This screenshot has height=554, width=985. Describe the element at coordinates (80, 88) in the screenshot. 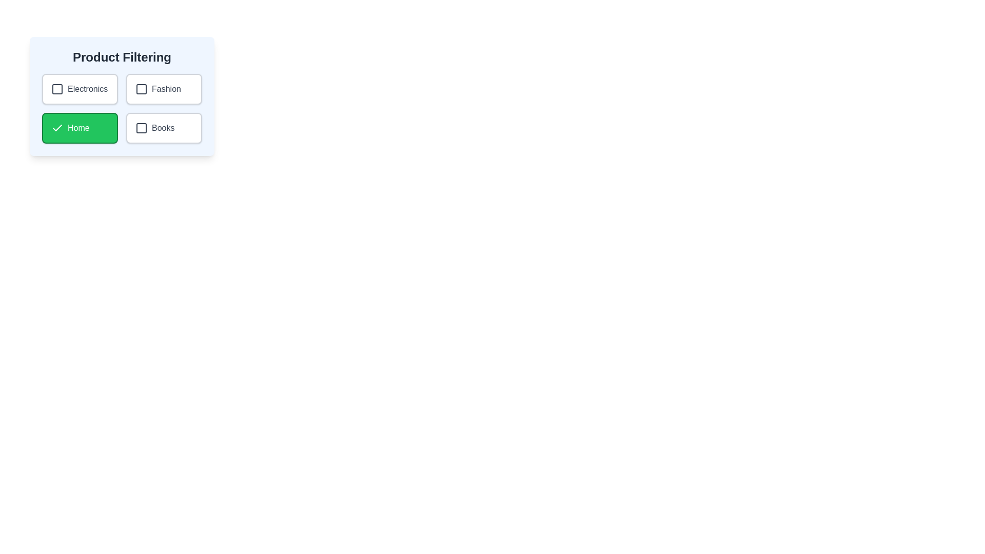

I see `the category Electronics by clicking on its button` at that location.